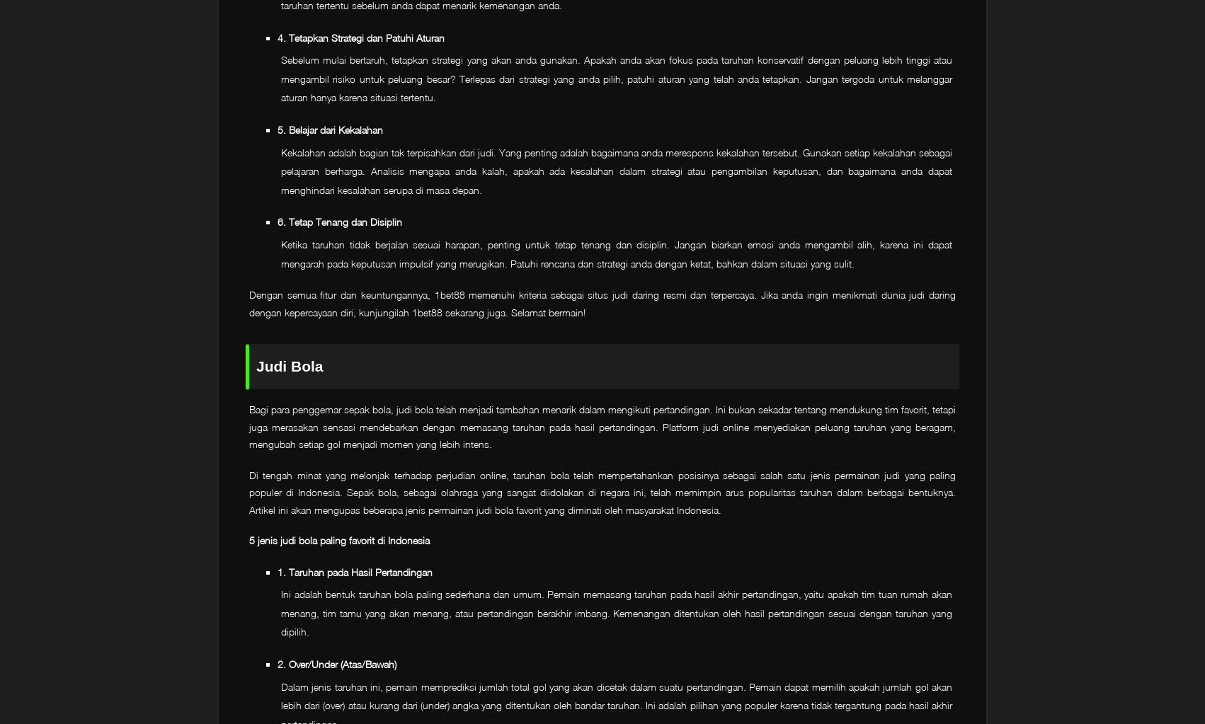  Describe the element at coordinates (602, 425) in the screenshot. I see `'Bagi para penggemar sepak bola, judi bola telah menjadi tambahan menarik dalam mengikuti pertandingan. Ini bukan sekadar tentang mendukung tim favorit, tetapi juga merasakan sensasi mendebarkan dengan memasang taruhan pada hasil pertandingan. Platform judi online menyediakan peluang taruhan yang beragam, mengubah setiap gol menjadi momen yang lebih intens.'` at that location.